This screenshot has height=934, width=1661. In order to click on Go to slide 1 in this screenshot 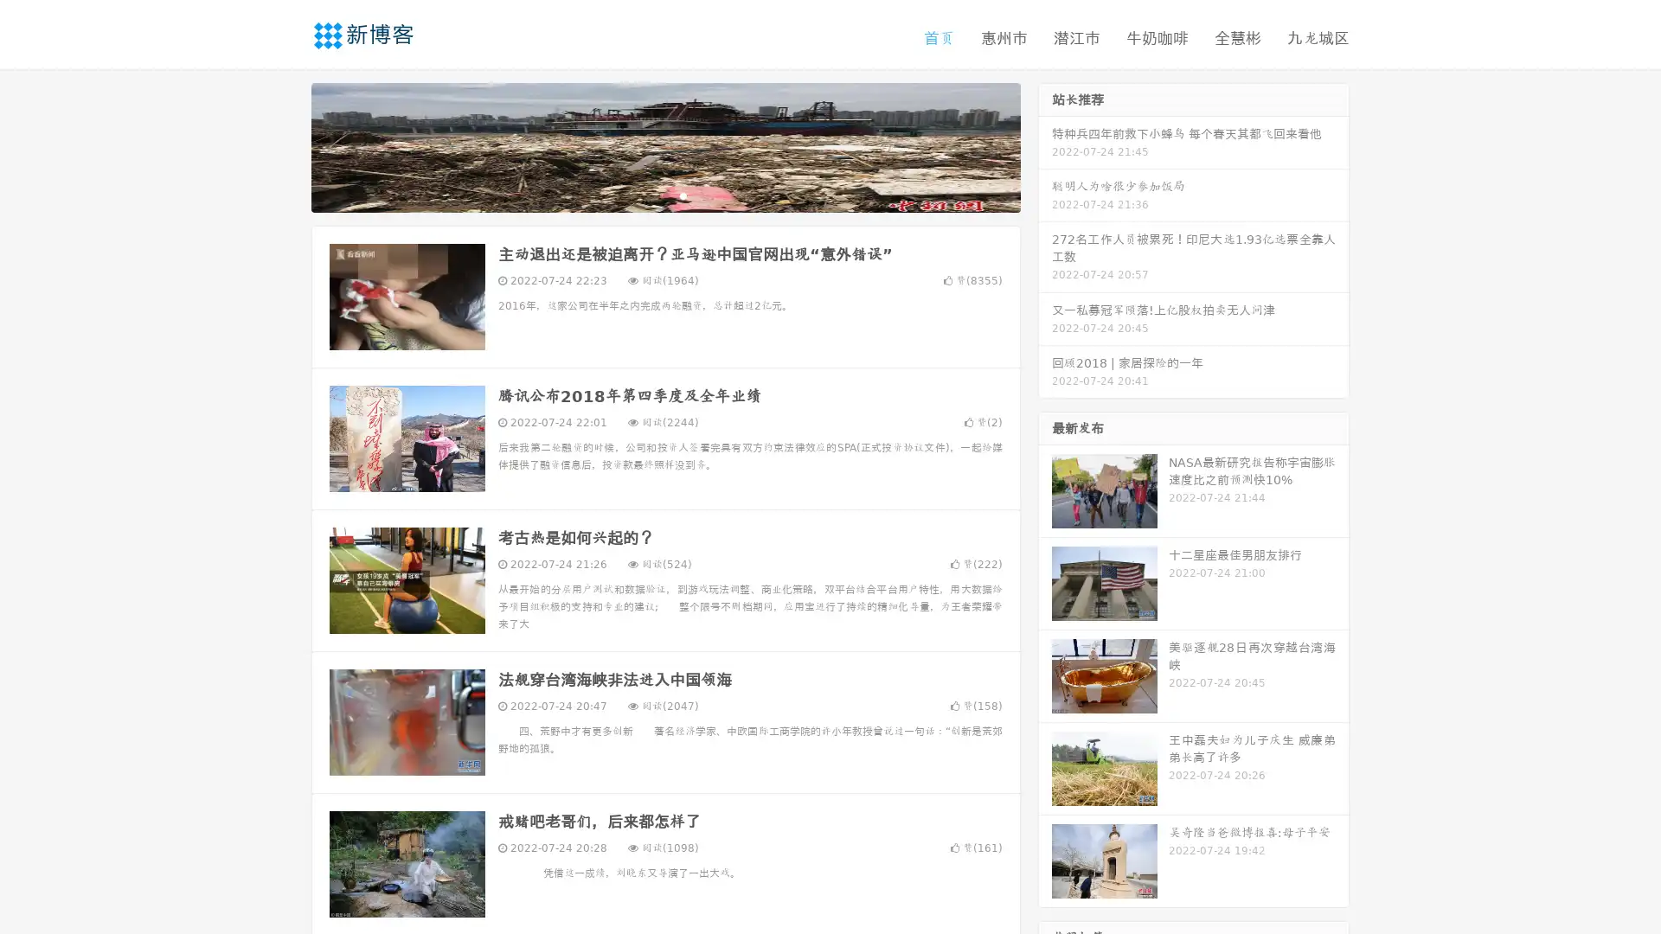, I will do `click(647, 195)`.